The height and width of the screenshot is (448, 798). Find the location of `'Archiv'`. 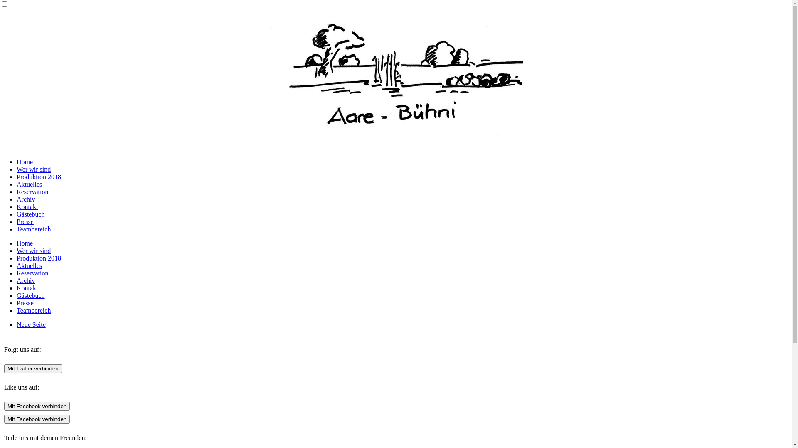

'Archiv' is located at coordinates (26, 280).